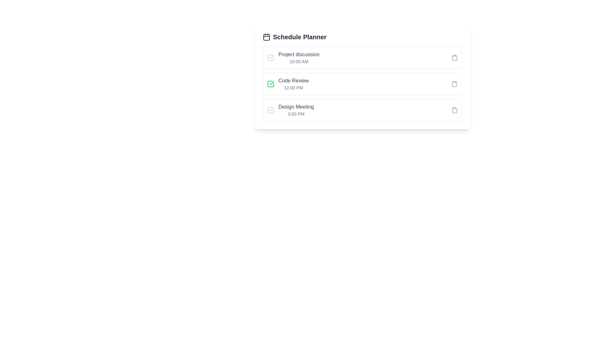 This screenshot has height=345, width=613. What do you see at coordinates (454, 58) in the screenshot?
I see `the clipboard icon for the task 'Project discussion' to access additional options` at bounding box center [454, 58].